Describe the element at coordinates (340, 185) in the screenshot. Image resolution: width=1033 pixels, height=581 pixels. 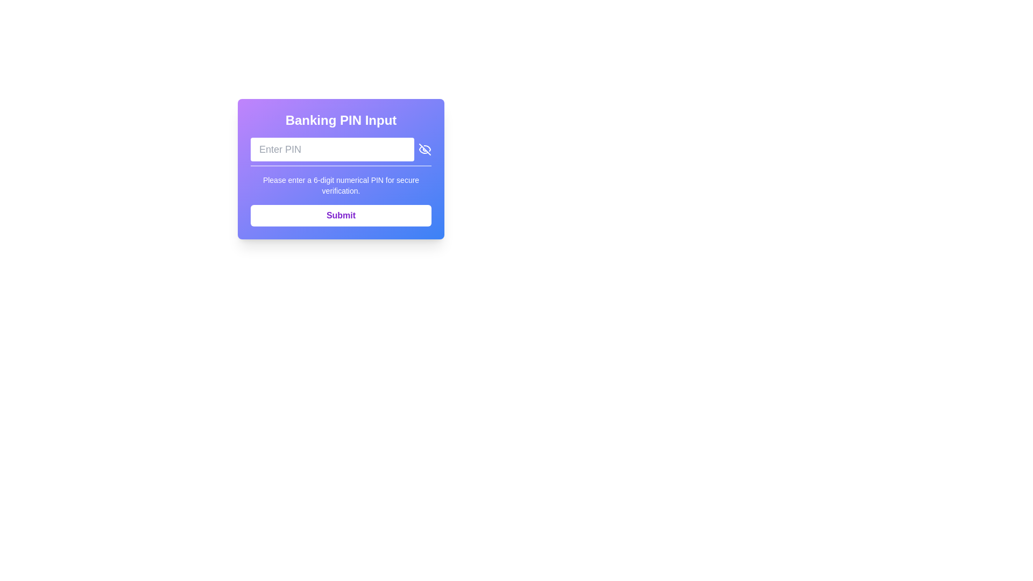
I see `the instructional text element that guides the user to enter a 6-digit numerical PIN for verification, which is centrally aligned and located beneath the PIN input field` at that location.